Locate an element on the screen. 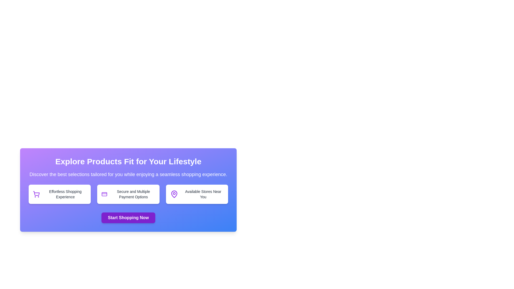 The height and width of the screenshot is (289, 514). the text label displaying 'Effortless Shopping Experience' that is styled in a small font, dark gray color, and located in the first card of the informational row, aligned to the right of the shopping cart icon is located at coordinates (65, 194).